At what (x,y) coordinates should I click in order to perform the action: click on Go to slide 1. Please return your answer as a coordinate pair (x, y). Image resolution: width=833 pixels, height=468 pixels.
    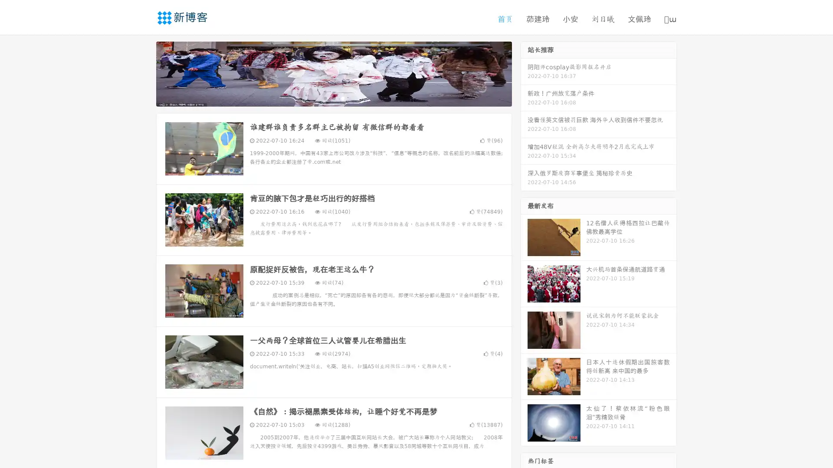
    Looking at the image, I should click on (325, 97).